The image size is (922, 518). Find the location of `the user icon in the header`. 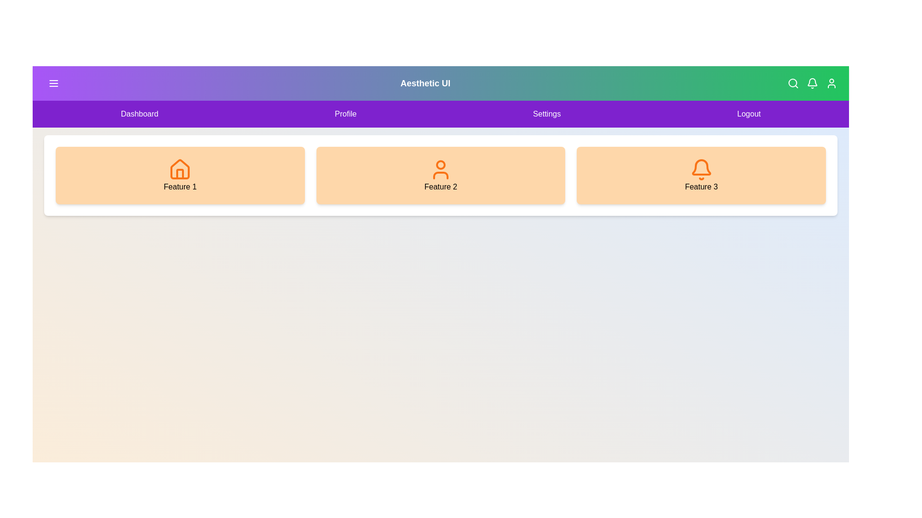

the user icon in the header is located at coordinates (831, 82).